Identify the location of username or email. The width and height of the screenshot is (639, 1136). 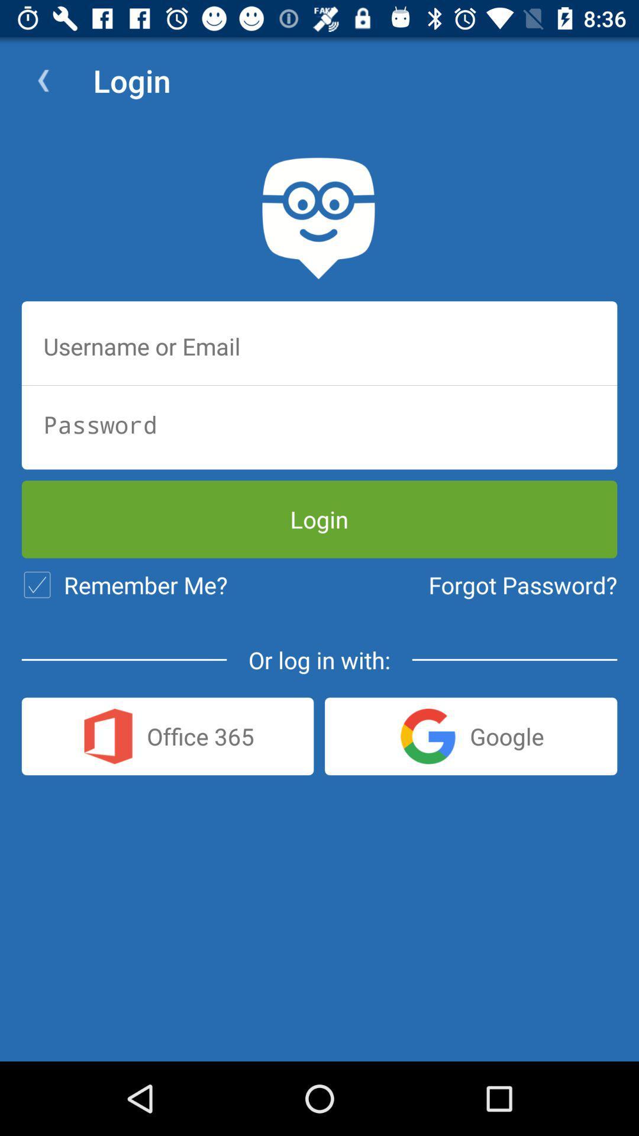
(319, 346).